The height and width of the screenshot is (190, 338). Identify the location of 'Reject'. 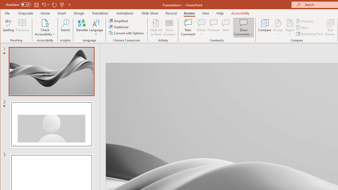
(289, 27).